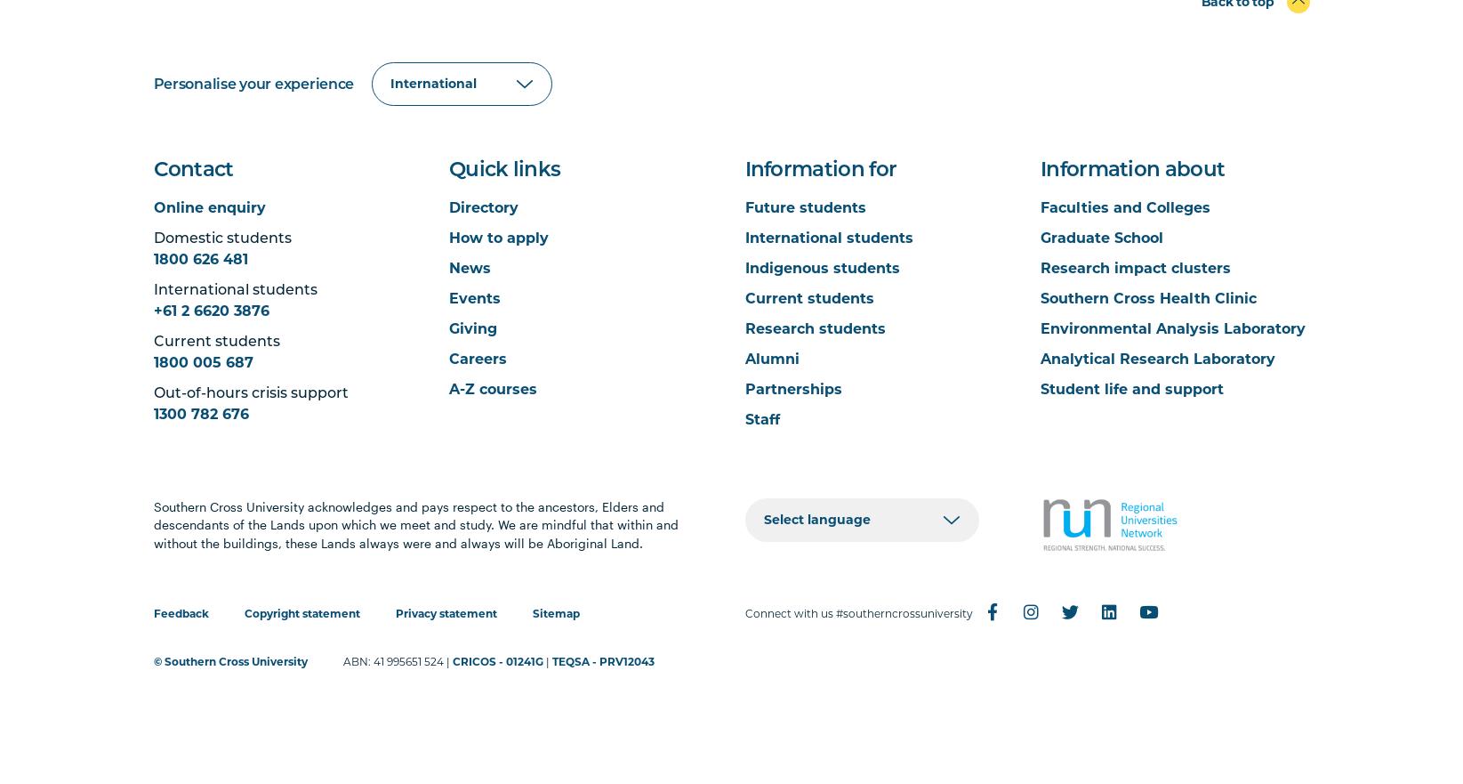  I want to click on '+61 2 6620 3876', so click(211, 310).